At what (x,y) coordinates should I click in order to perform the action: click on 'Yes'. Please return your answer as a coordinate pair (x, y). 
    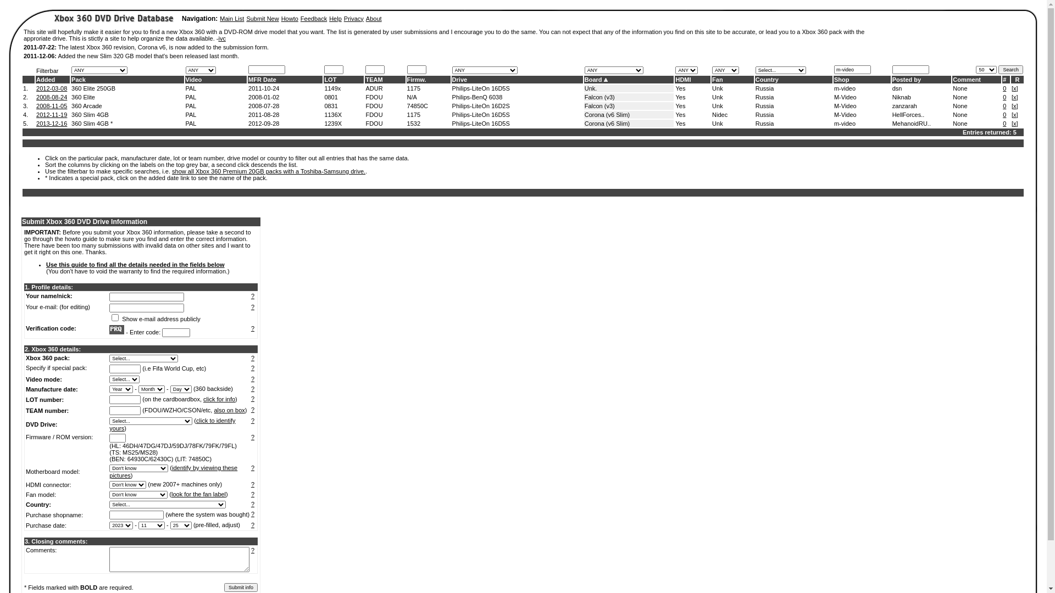
    Looking at the image, I should click on (680, 114).